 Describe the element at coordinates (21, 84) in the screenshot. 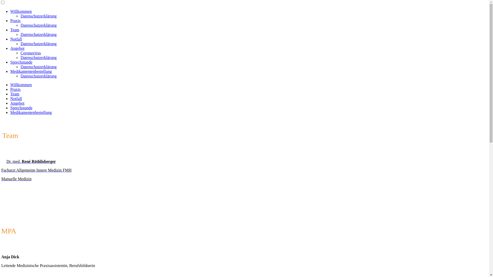

I see `'Willkommen'` at that location.